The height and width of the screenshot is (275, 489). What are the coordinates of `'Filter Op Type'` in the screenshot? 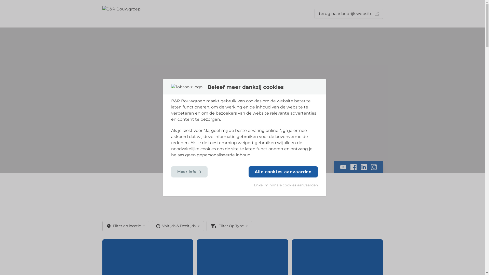 It's located at (229, 226).